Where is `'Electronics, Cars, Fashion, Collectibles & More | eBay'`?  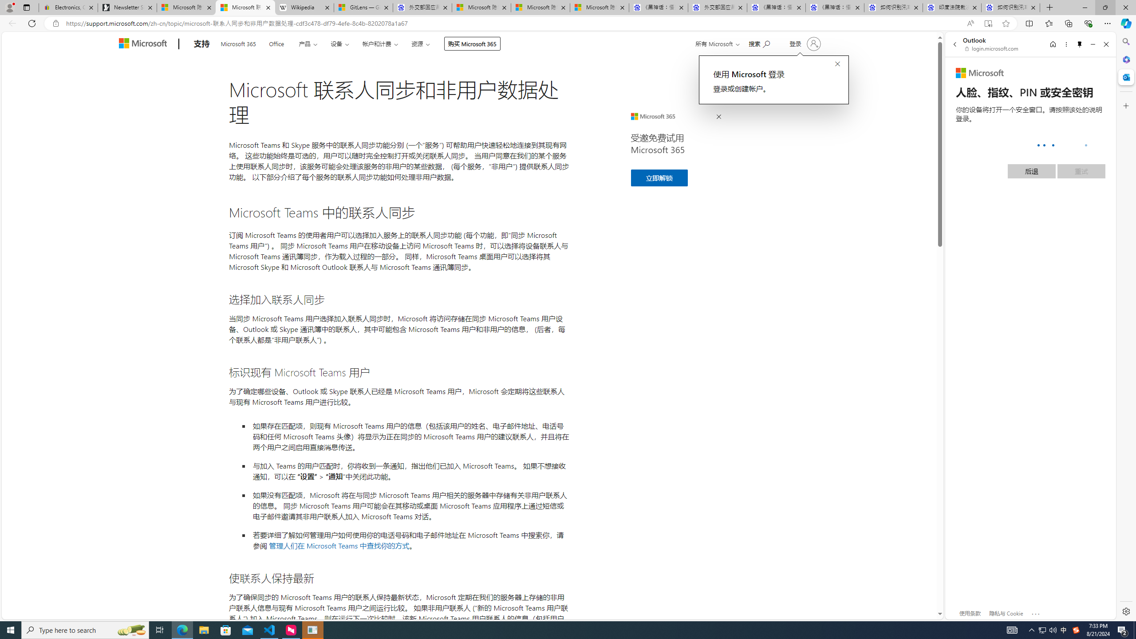 'Electronics, Cars, Fashion, Collectibles & More | eBay' is located at coordinates (67, 7).